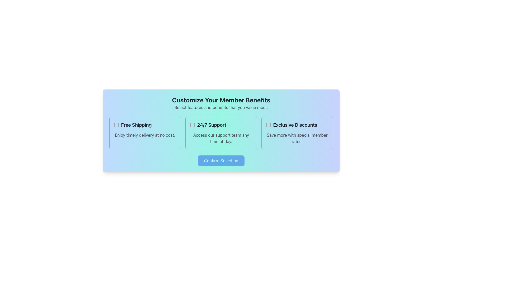 Image resolution: width=507 pixels, height=285 pixels. I want to click on the confirm button located centrally within the bottom section of the styled card component to confirm the selection of benefits or choices made within the interface, so click(221, 160).